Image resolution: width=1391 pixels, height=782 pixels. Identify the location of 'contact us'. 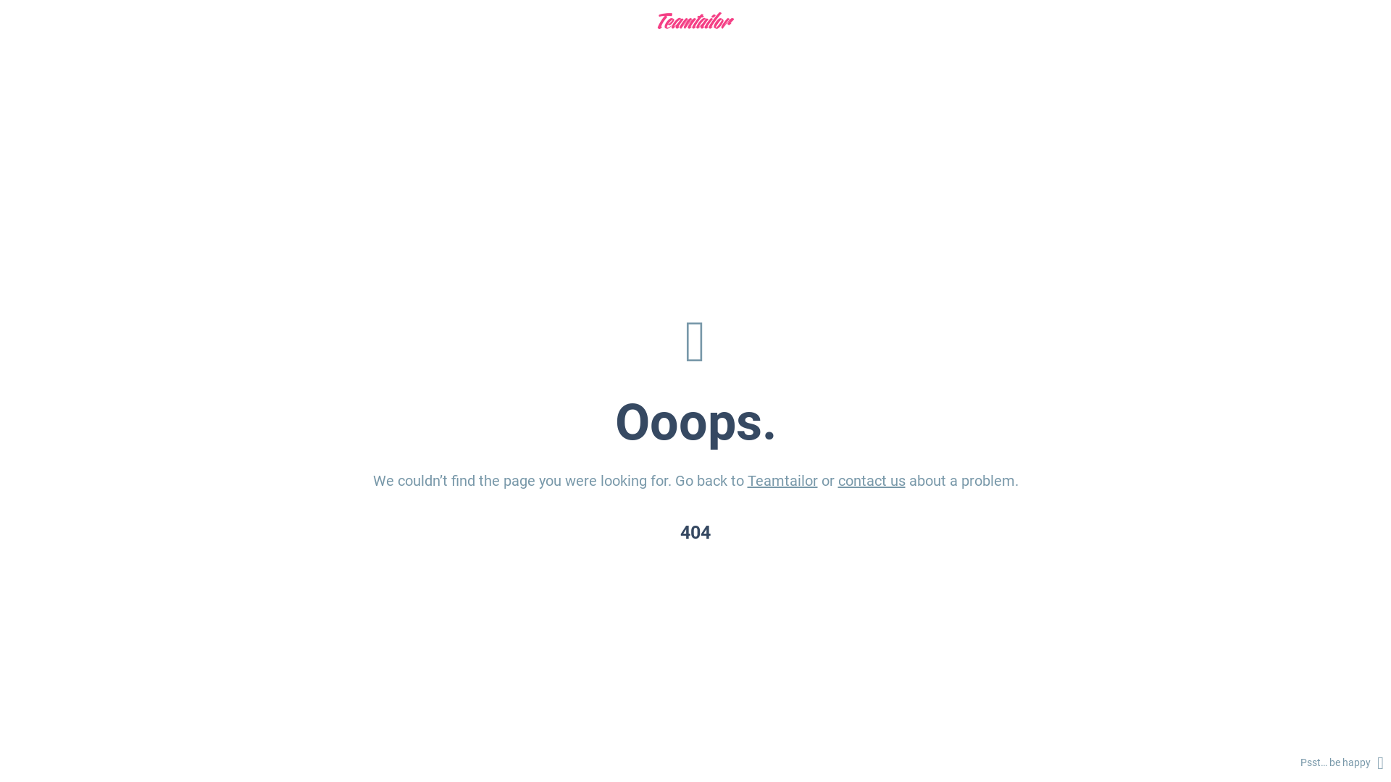
(837, 480).